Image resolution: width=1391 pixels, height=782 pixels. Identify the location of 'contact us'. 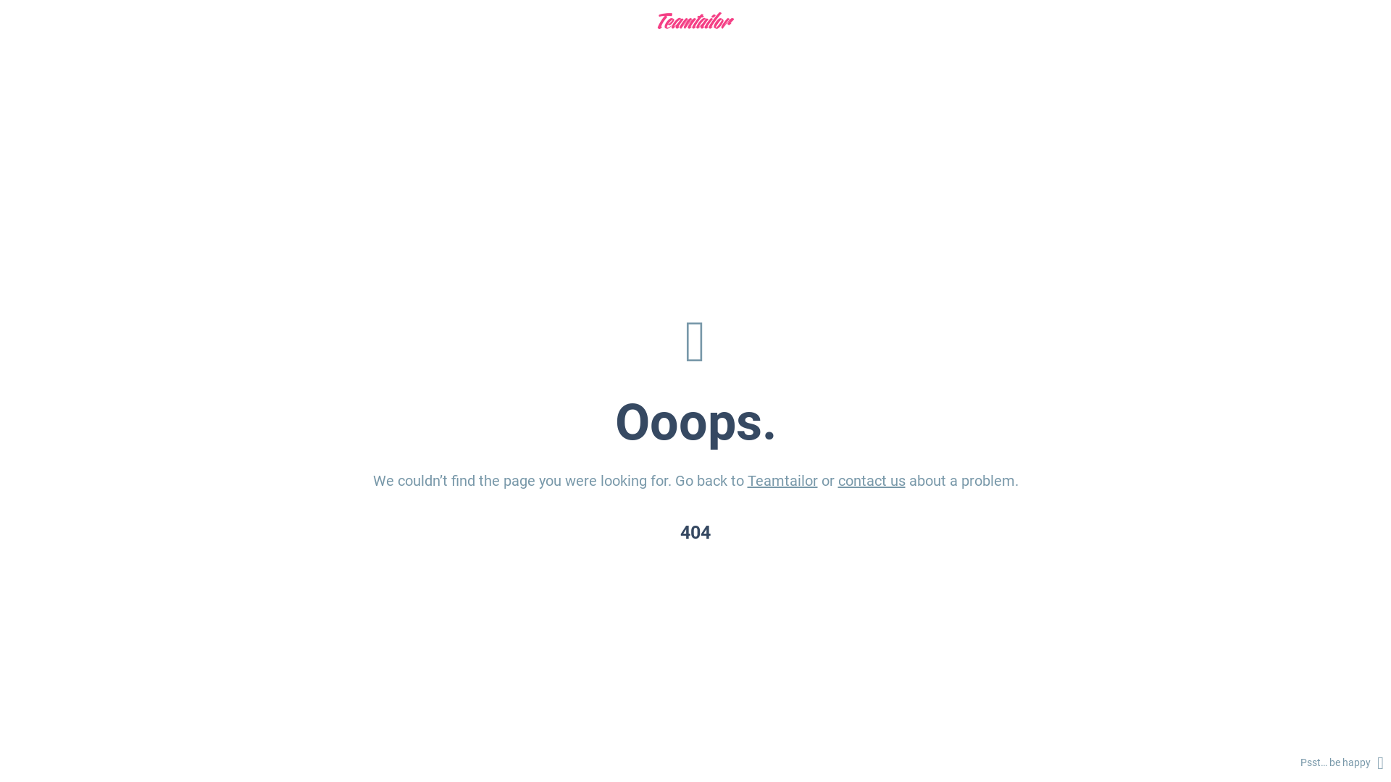
(837, 480).